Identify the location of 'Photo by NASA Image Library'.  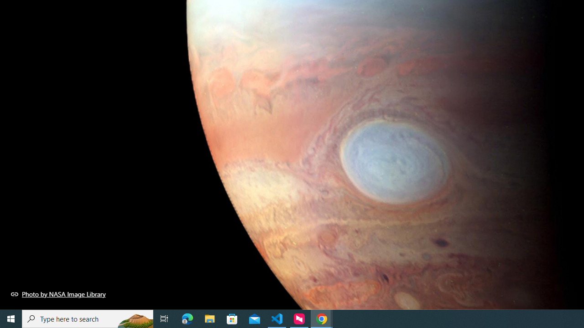
(58, 294).